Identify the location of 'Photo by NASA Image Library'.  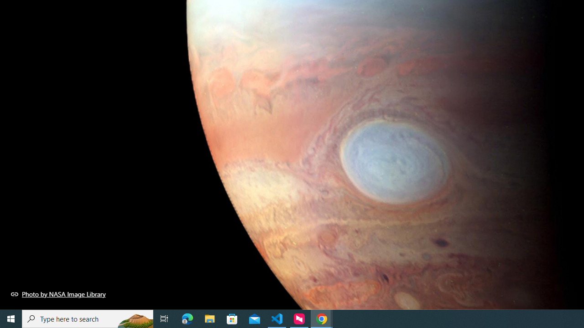
(58, 294).